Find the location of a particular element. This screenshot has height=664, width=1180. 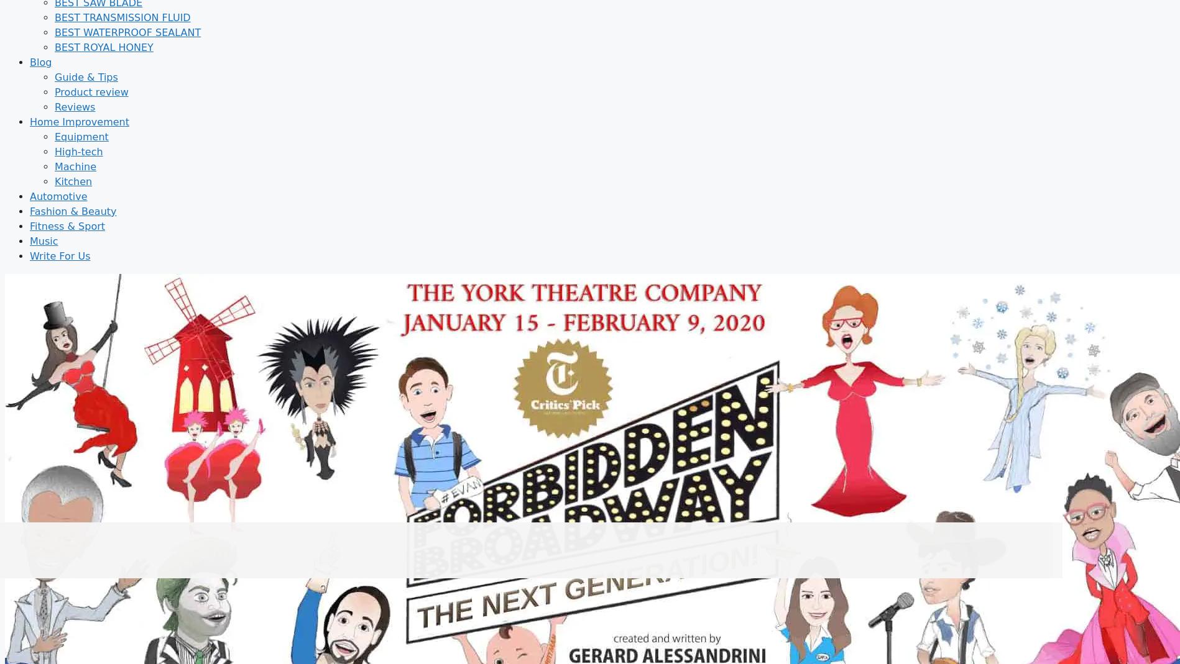

'Machine' is located at coordinates (75, 165).